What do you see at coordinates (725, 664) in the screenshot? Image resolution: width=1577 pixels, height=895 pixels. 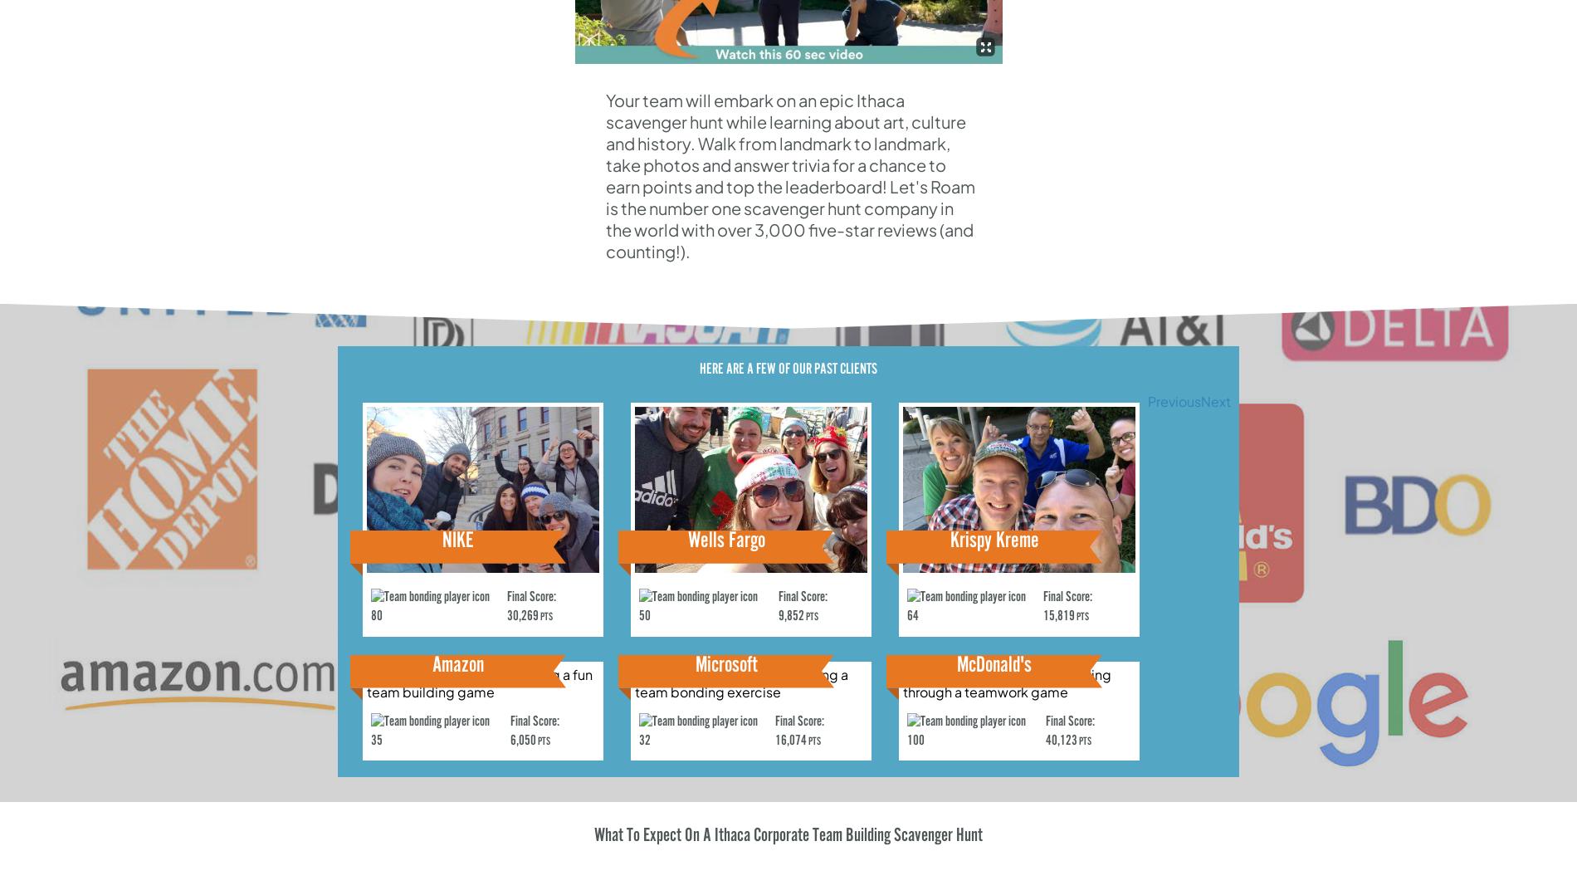 I see `'Microsoft'` at bounding box center [725, 664].